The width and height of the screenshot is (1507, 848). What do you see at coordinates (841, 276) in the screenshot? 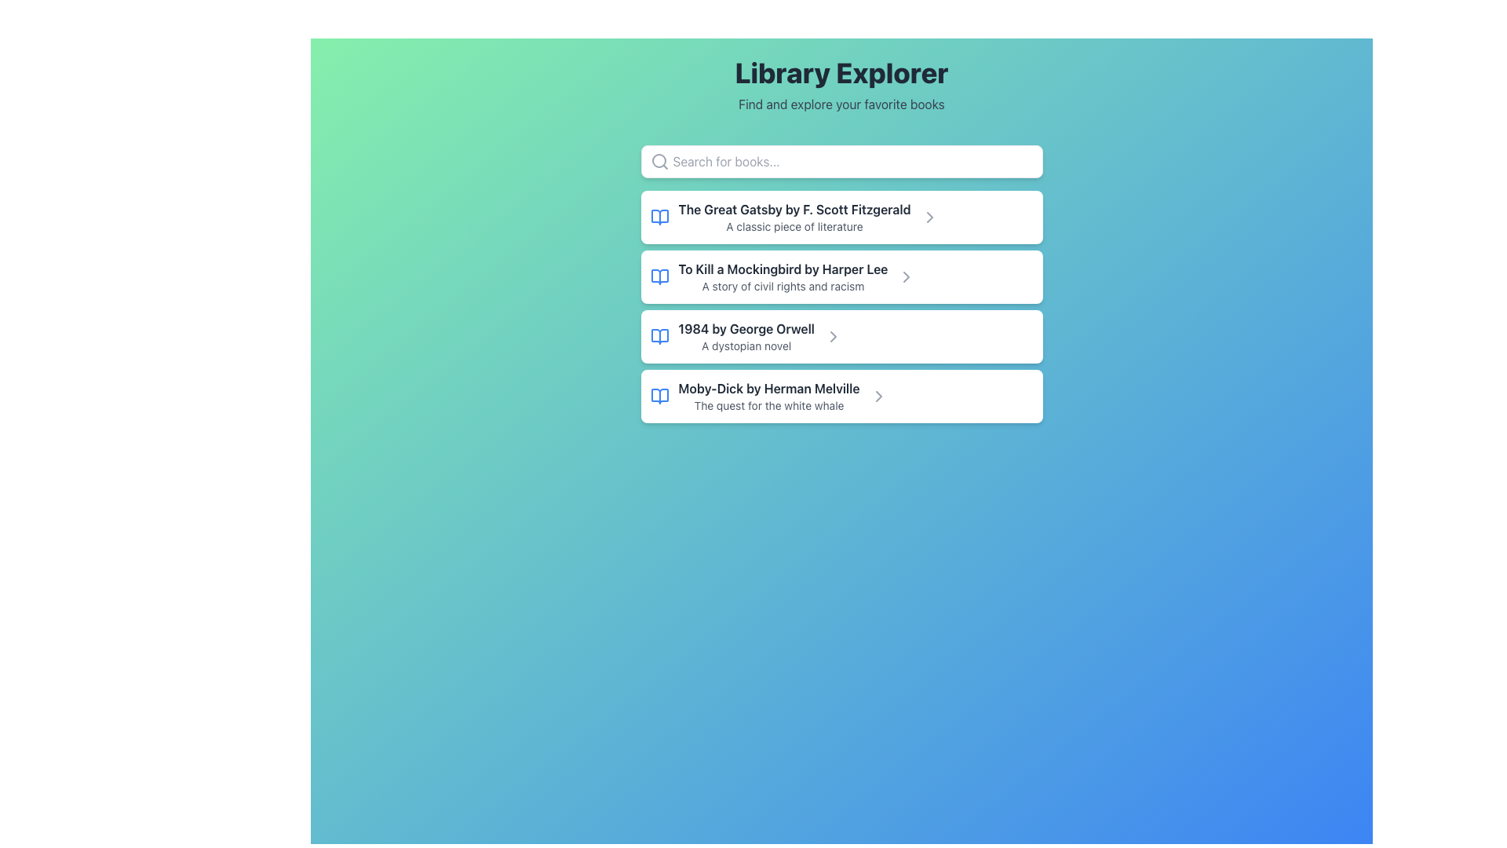
I see `the list item representing the book 'To Kill a Mockingbird by Harper Lee'` at bounding box center [841, 276].